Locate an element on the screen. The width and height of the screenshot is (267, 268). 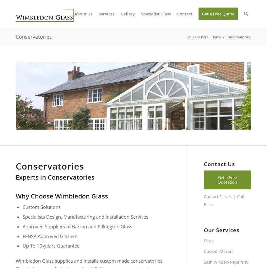
'Contact Details' is located at coordinates (217, 196).